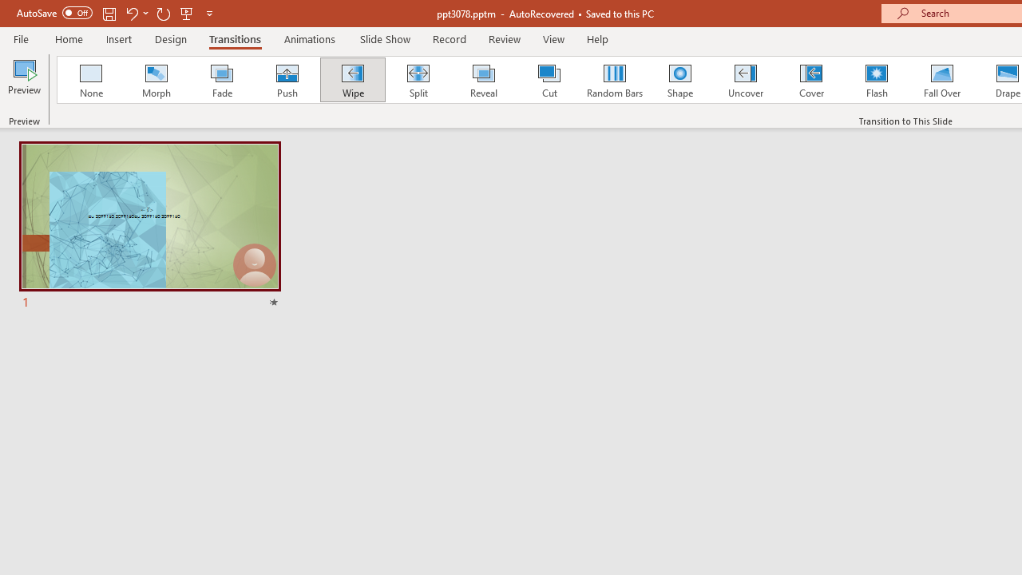 The width and height of the screenshot is (1022, 575). What do you see at coordinates (876, 80) in the screenshot?
I see `'Flash'` at bounding box center [876, 80].